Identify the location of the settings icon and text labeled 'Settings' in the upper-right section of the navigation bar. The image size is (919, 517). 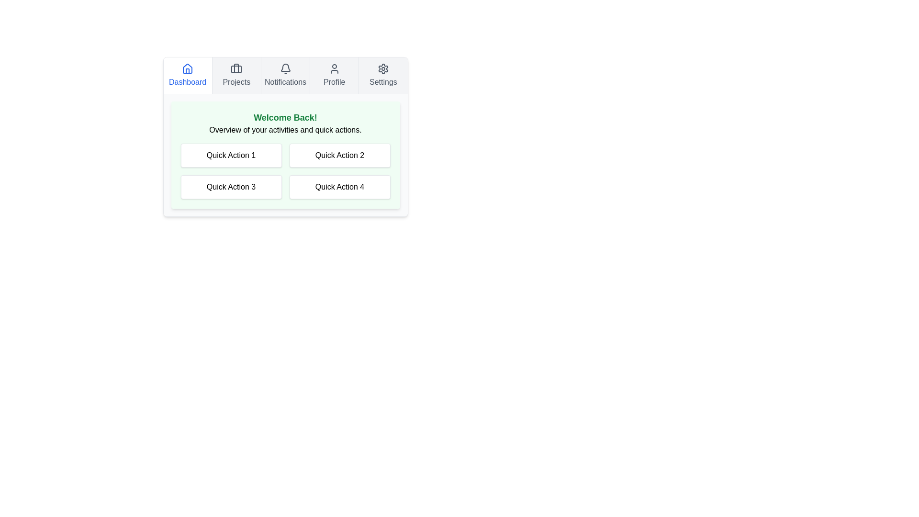
(383, 75).